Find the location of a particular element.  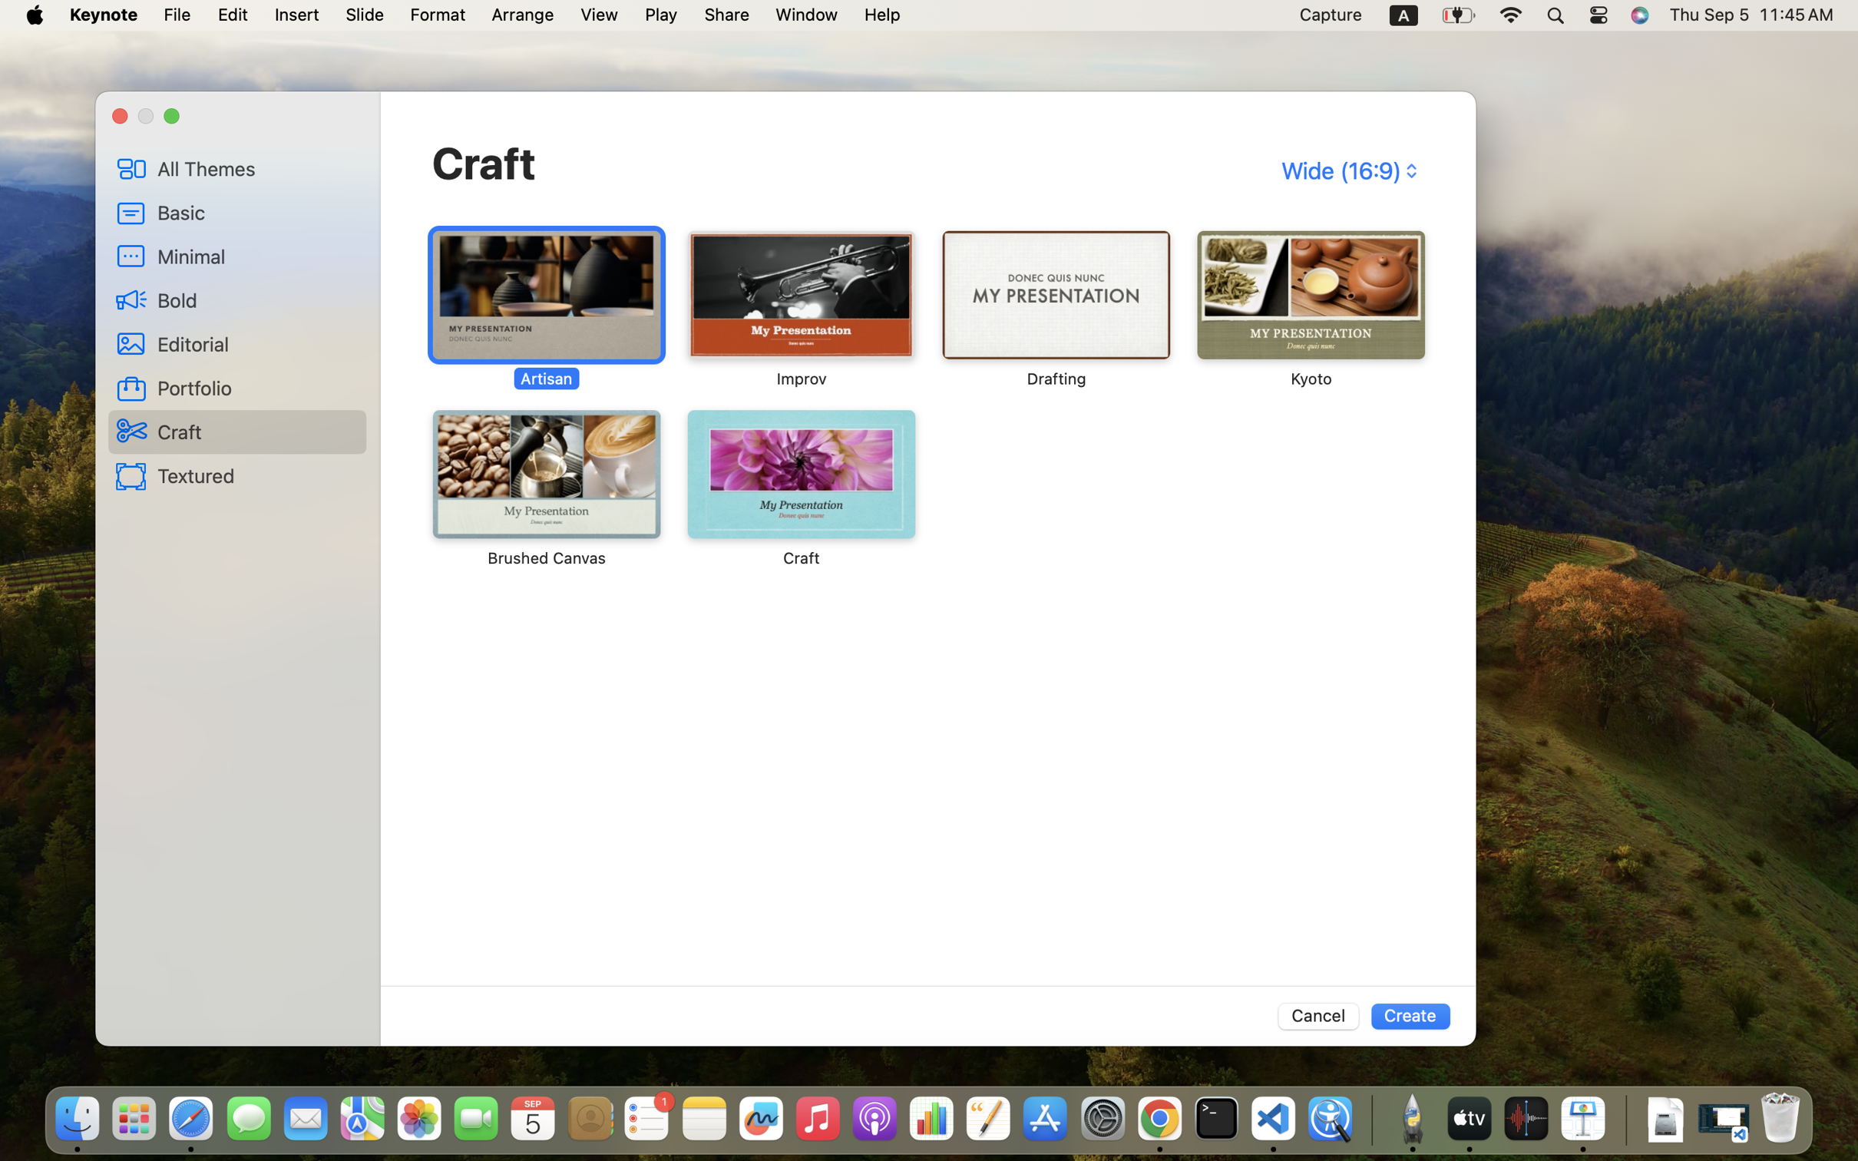

'‎⁨Improv⁩' is located at coordinates (799, 309).